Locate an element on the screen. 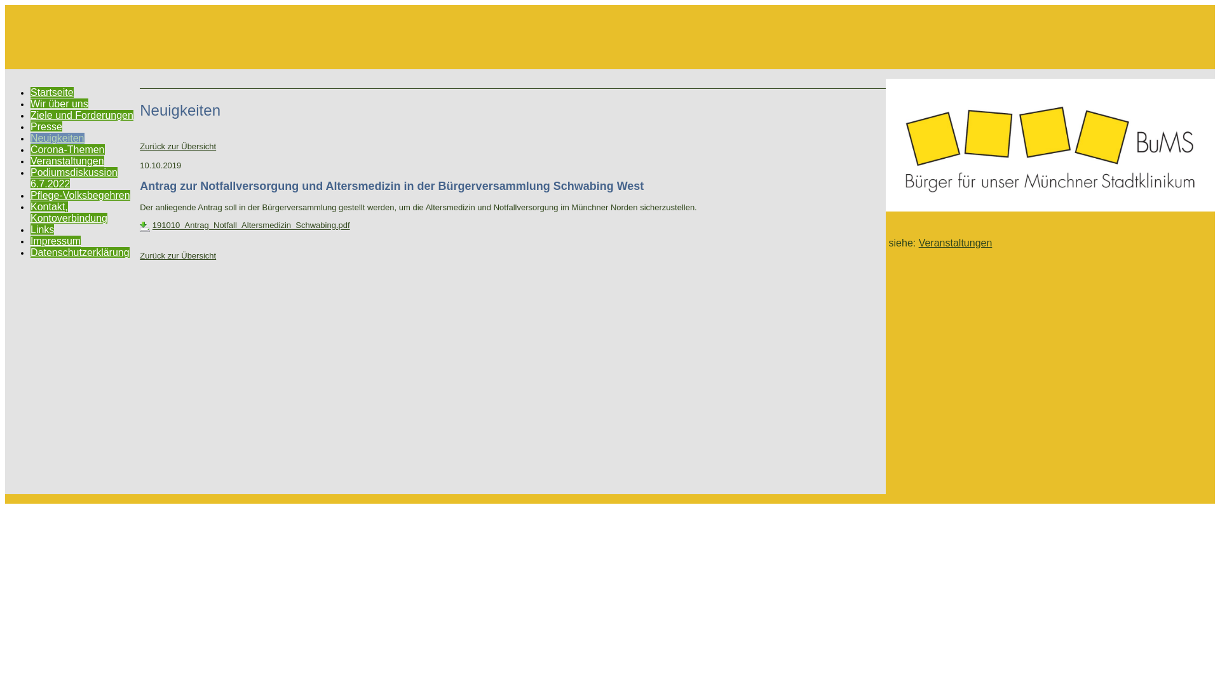 The height and width of the screenshot is (686, 1220). 'Presse' is located at coordinates (30, 126).